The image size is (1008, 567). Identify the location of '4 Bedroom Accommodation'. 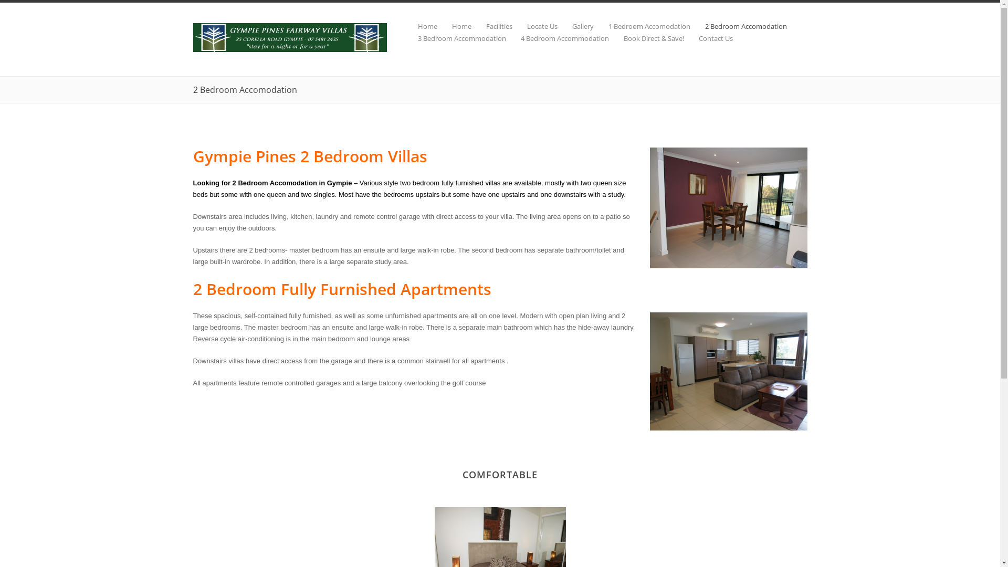
(556, 38).